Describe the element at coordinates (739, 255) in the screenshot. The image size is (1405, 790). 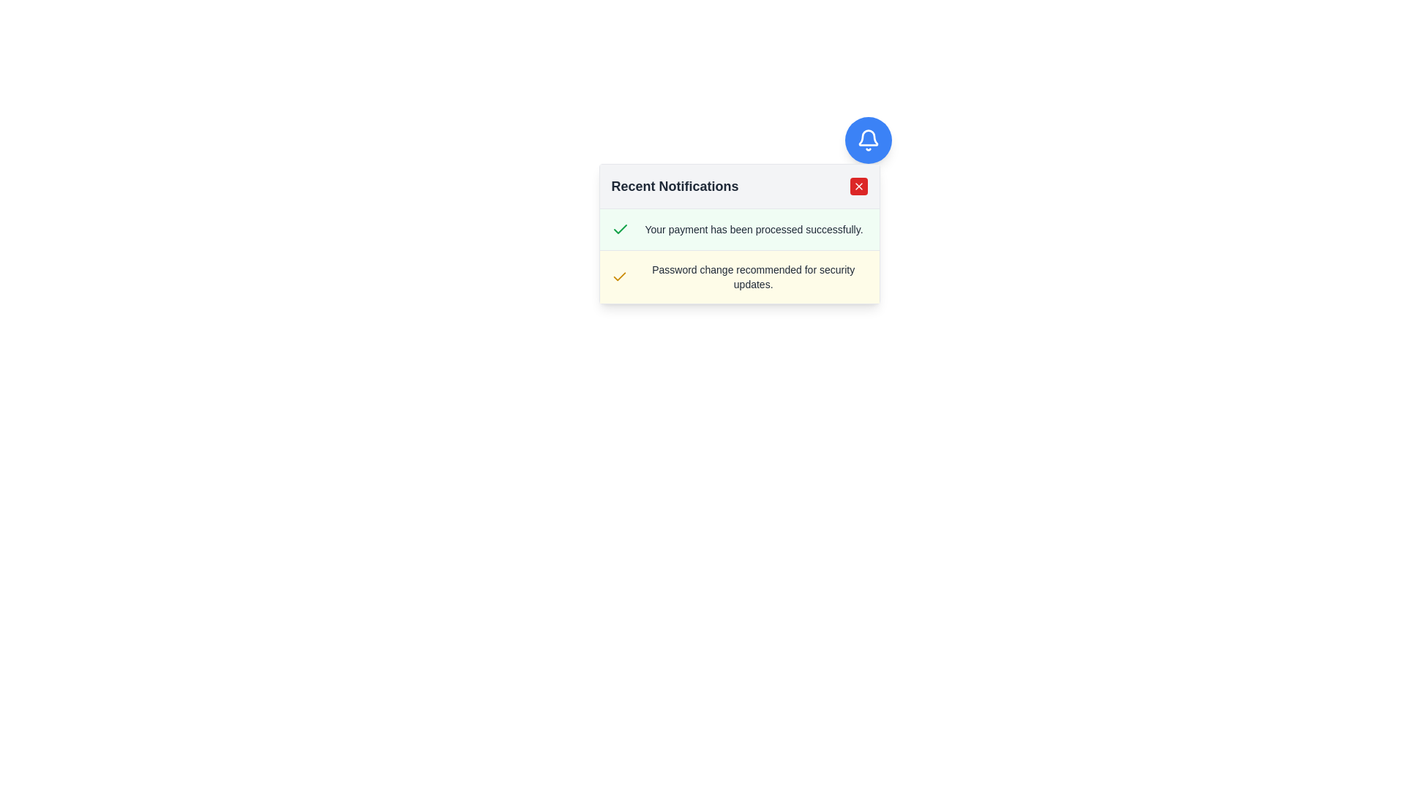
I see `the second notification item in the notification pop-up panel that prompts the user to change their password for security reasons` at that location.